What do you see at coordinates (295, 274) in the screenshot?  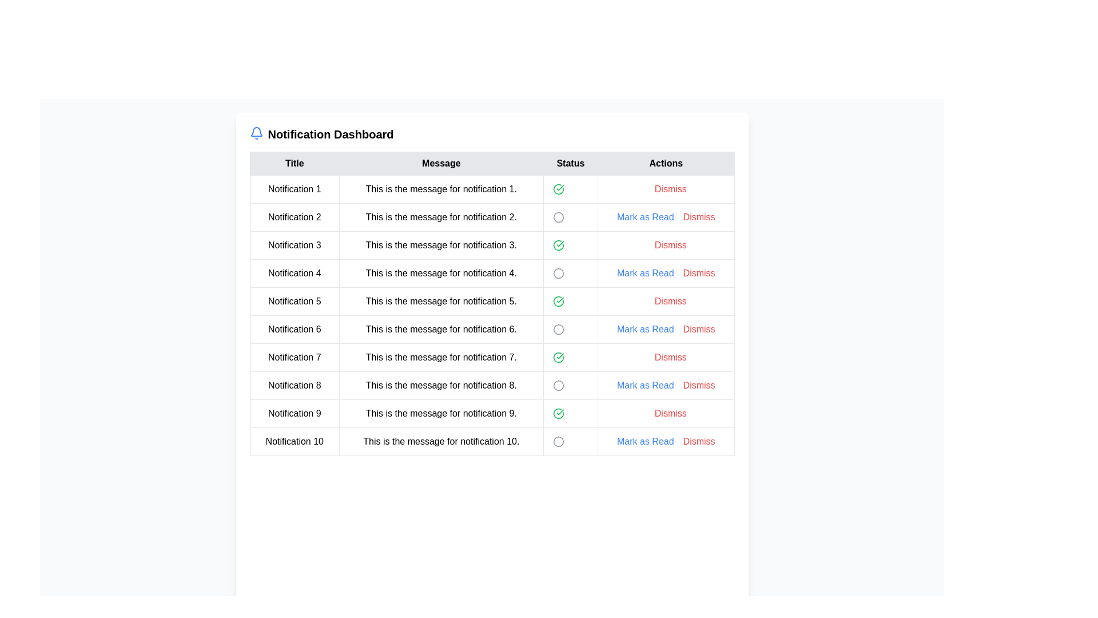 I see `the text label displaying 'Notification 4' located in the fourth row of the table under the 'Title' column` at bounding box center [295, 274].